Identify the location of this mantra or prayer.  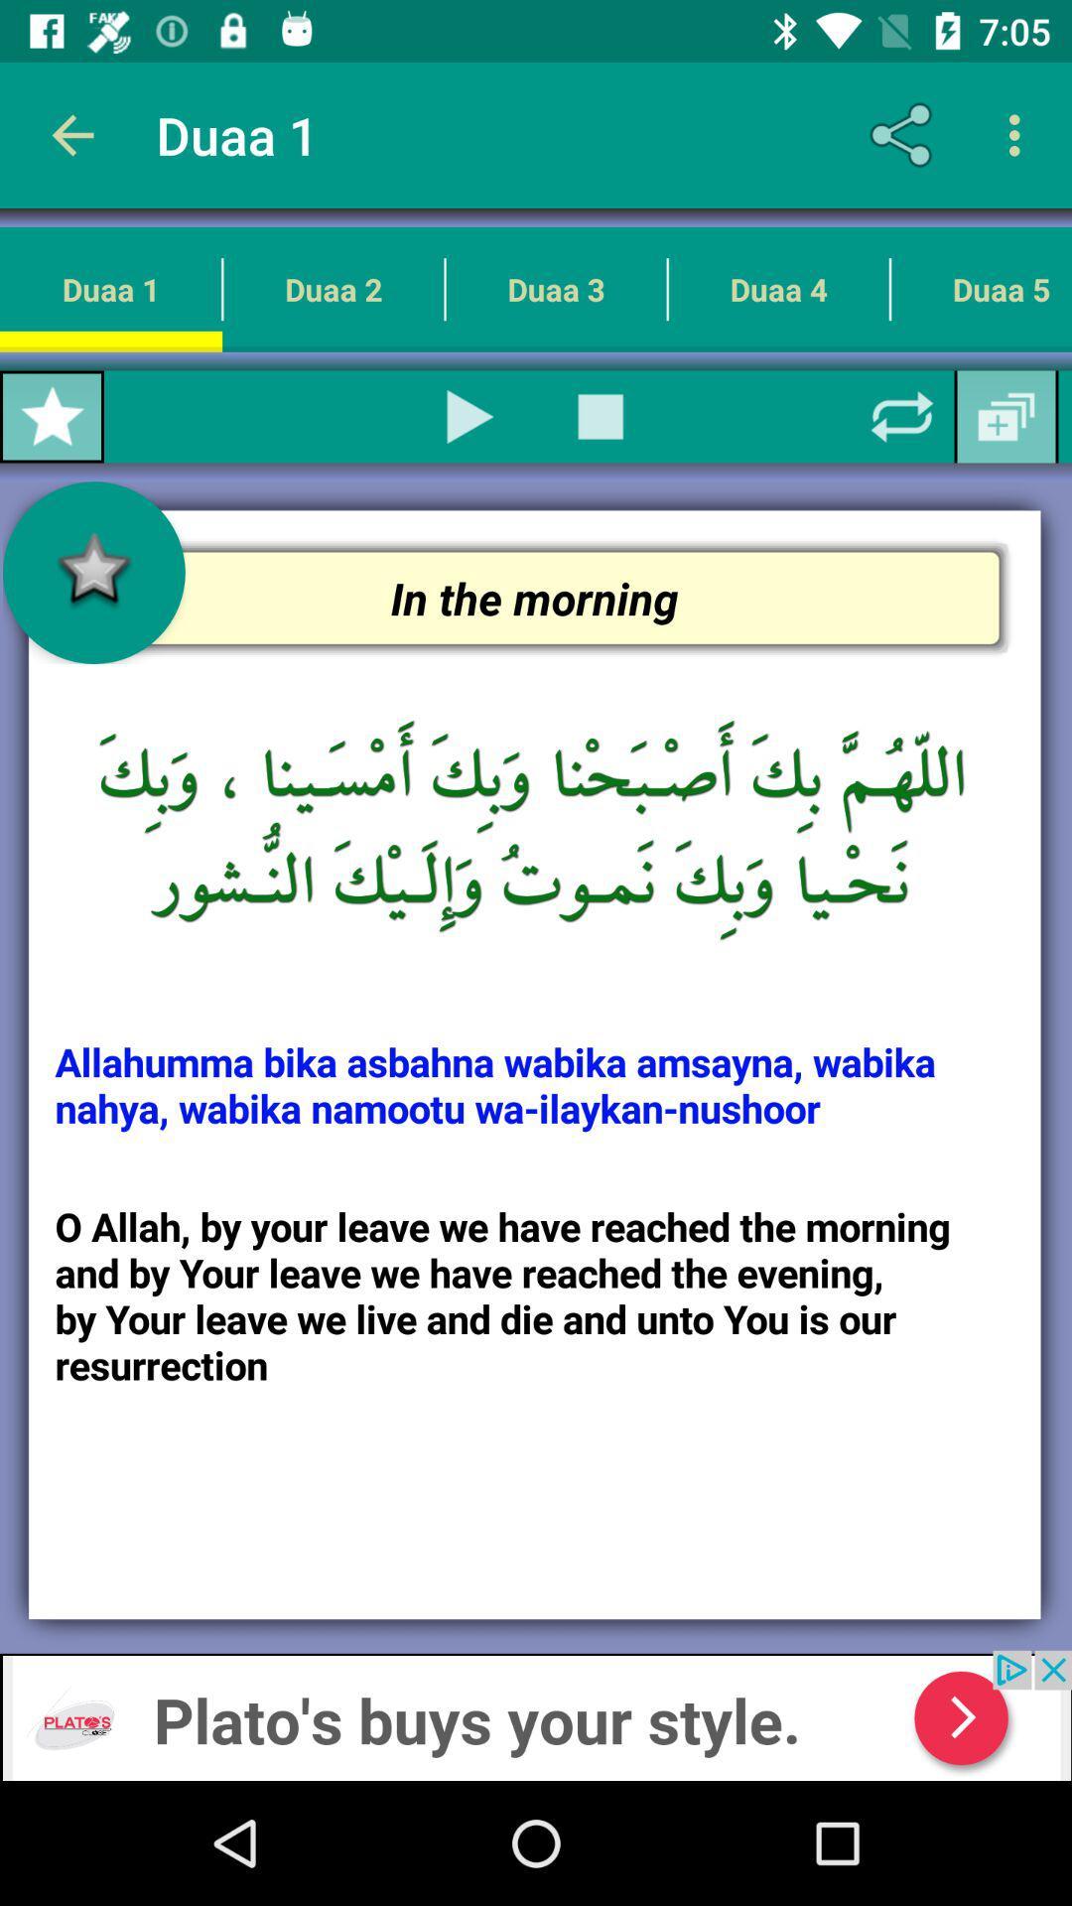
(470, 416).